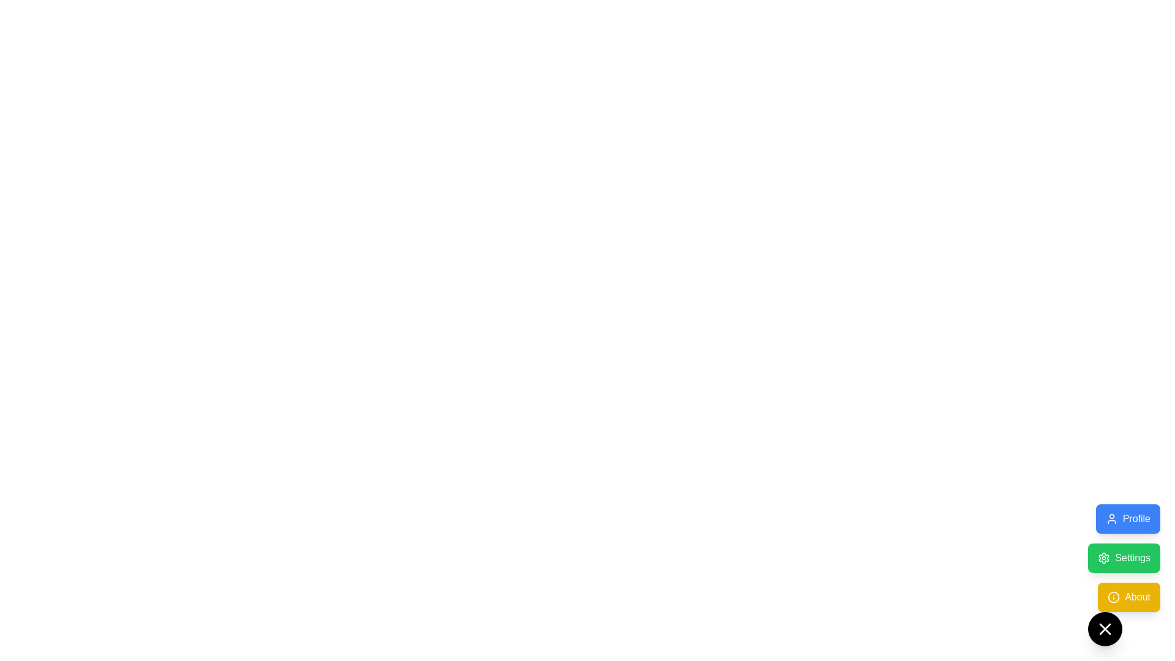 The height and width of the screenshot is (661, 1175). Describe the element at coordinates (1114, 596) in the screenshot. I see `the SVG Circle that represents the background or border of the 'About' icon located at the bottom-right quadrant of the interface, just above the black 'Close' button` at that location.